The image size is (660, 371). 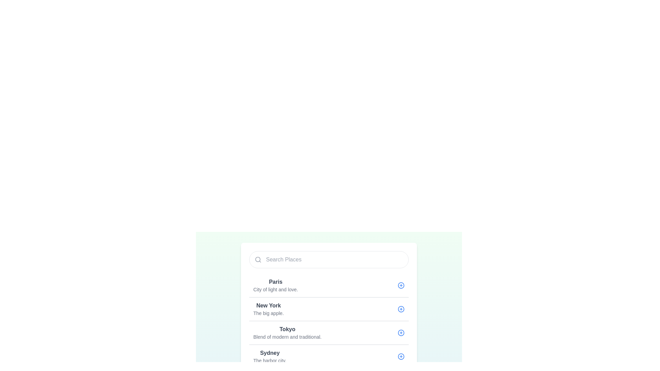 I want to click on the text content block displaying 'Tokyo' with the subtitle 'Blend of modern and traditional.', so click(x=287, y=332).